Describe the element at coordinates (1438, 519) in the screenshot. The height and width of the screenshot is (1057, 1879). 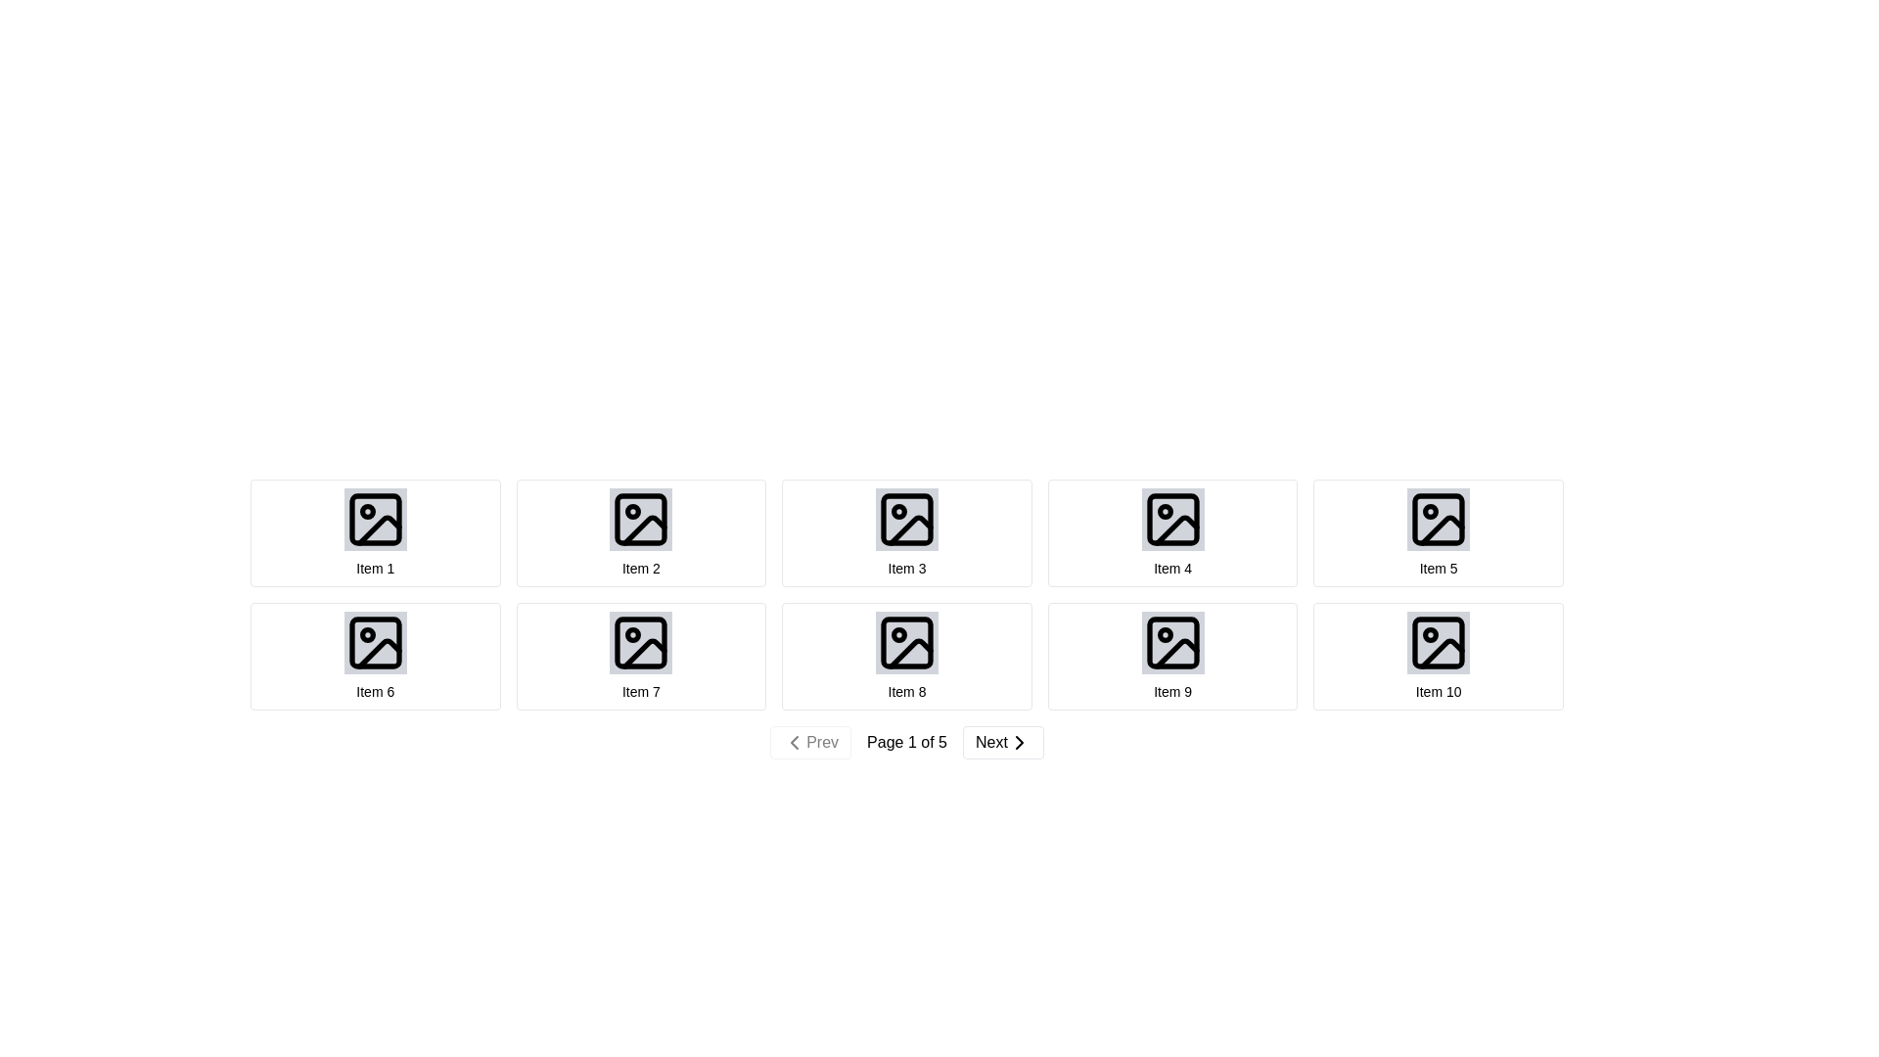
I see `the graphical icon representing a picture within the card labeled 'Item 5' for interaction` at that location.